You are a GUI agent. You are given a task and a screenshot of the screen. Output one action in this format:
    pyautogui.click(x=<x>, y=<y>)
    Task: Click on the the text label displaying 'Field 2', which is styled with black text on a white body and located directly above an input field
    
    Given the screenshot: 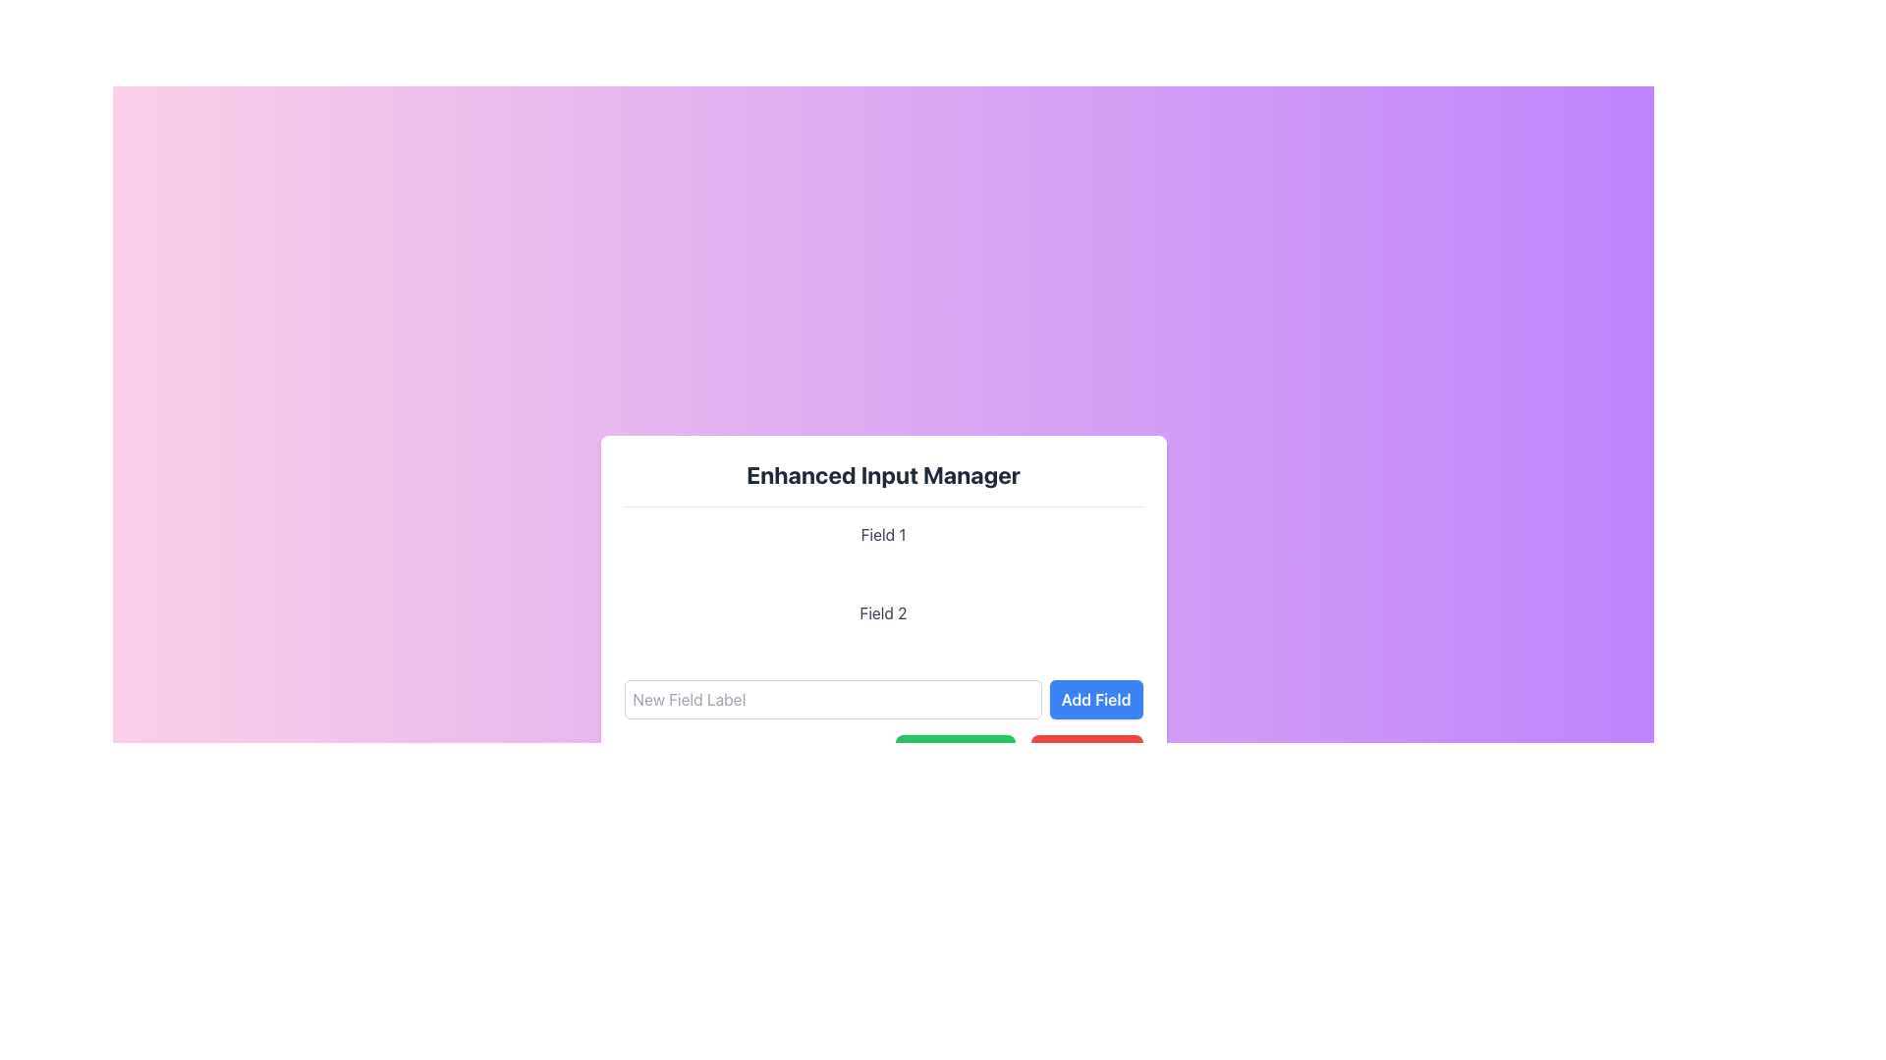 What is the action you would take?
    pyautogui.click(x=882, y=611)
    